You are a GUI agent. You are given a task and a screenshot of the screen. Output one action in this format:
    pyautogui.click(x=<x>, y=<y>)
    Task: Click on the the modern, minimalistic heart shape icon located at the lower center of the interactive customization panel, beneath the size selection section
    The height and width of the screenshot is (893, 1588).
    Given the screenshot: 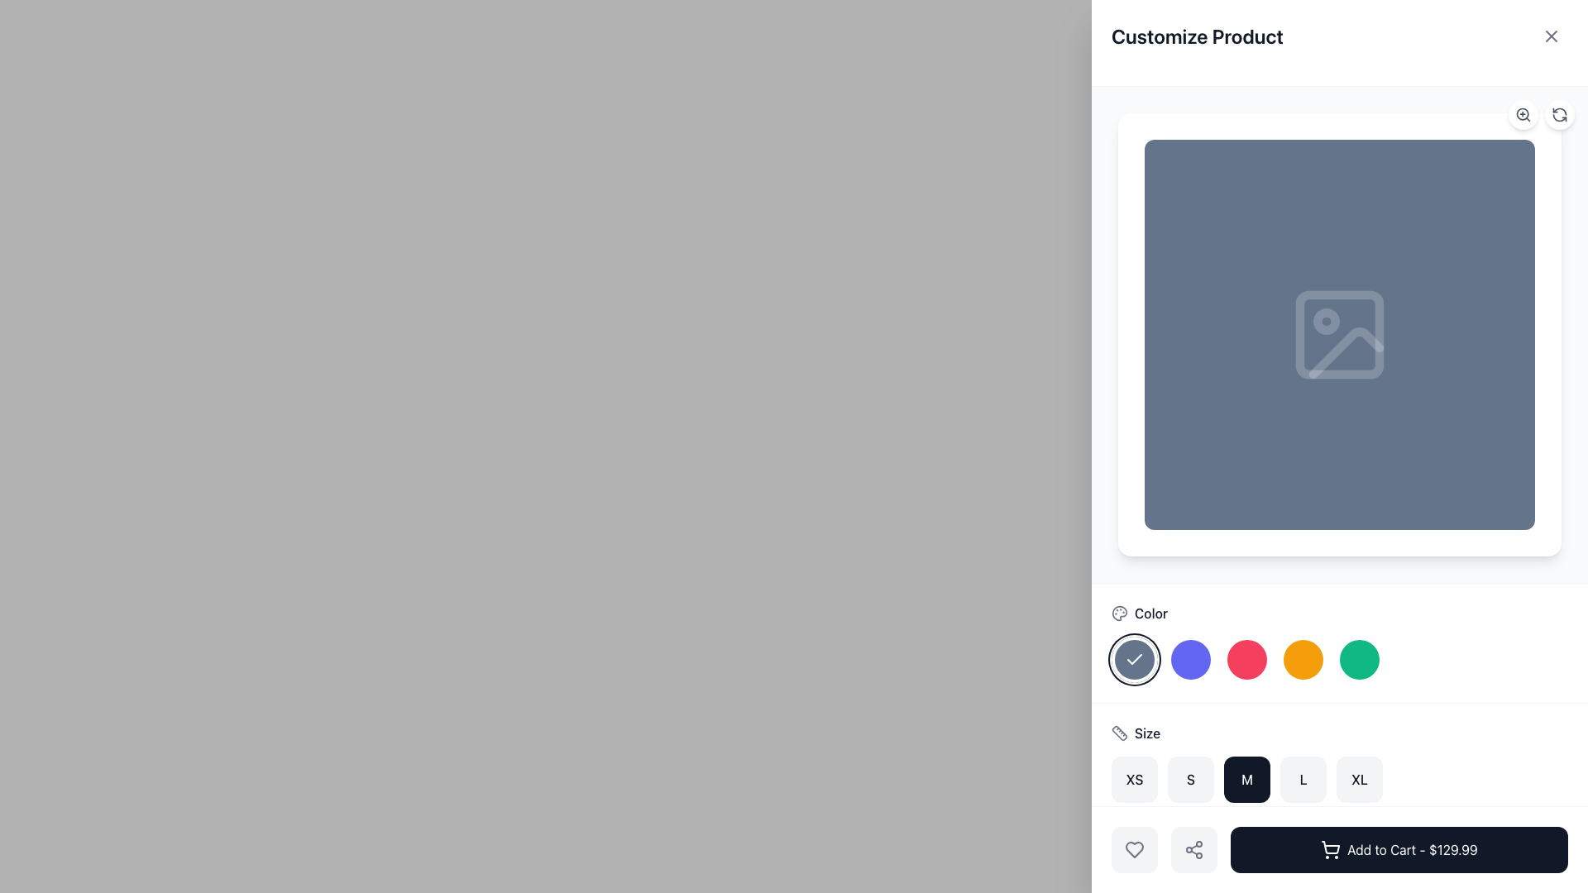 What is the action you would take?
    pyautogui.click(x=1134, y=850)
    